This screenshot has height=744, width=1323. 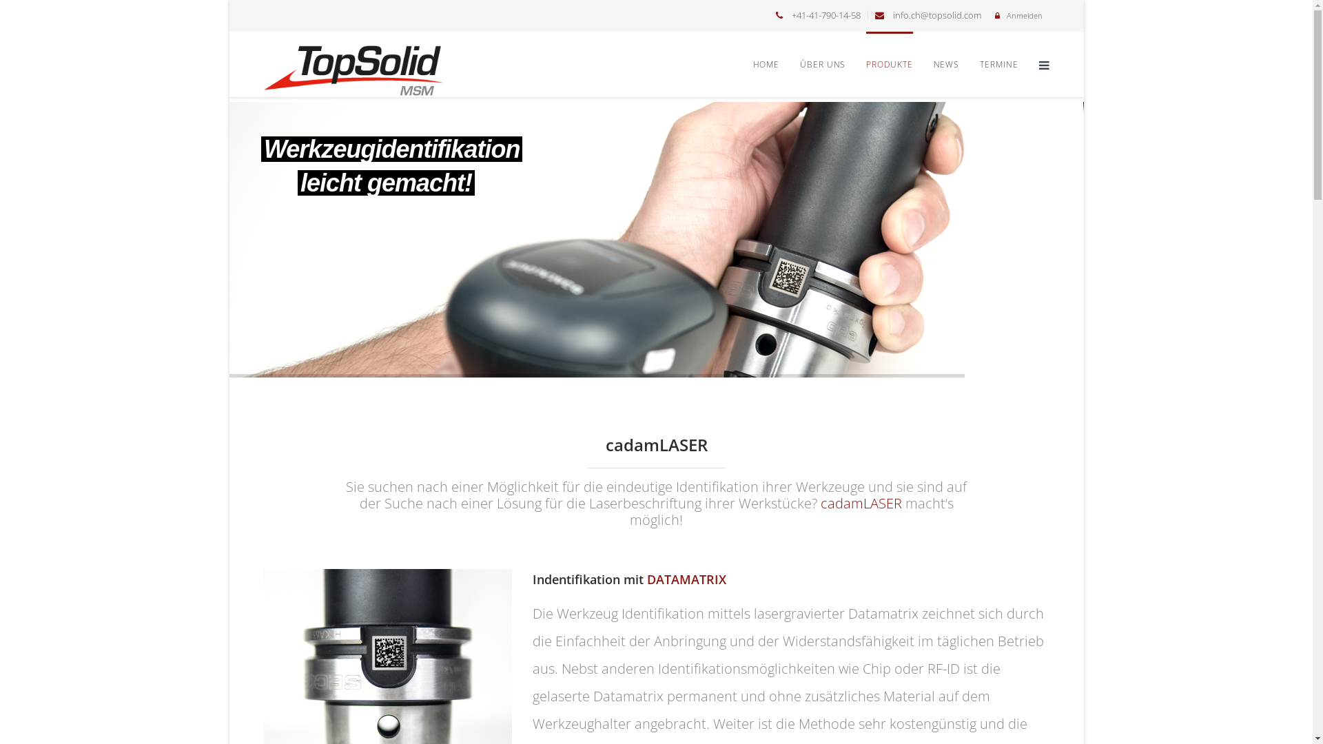 What do you see at coordinates (790, 15) in the screenshot?
I see `'+41-41-790-14-58'` at bounding box center [790, 15].